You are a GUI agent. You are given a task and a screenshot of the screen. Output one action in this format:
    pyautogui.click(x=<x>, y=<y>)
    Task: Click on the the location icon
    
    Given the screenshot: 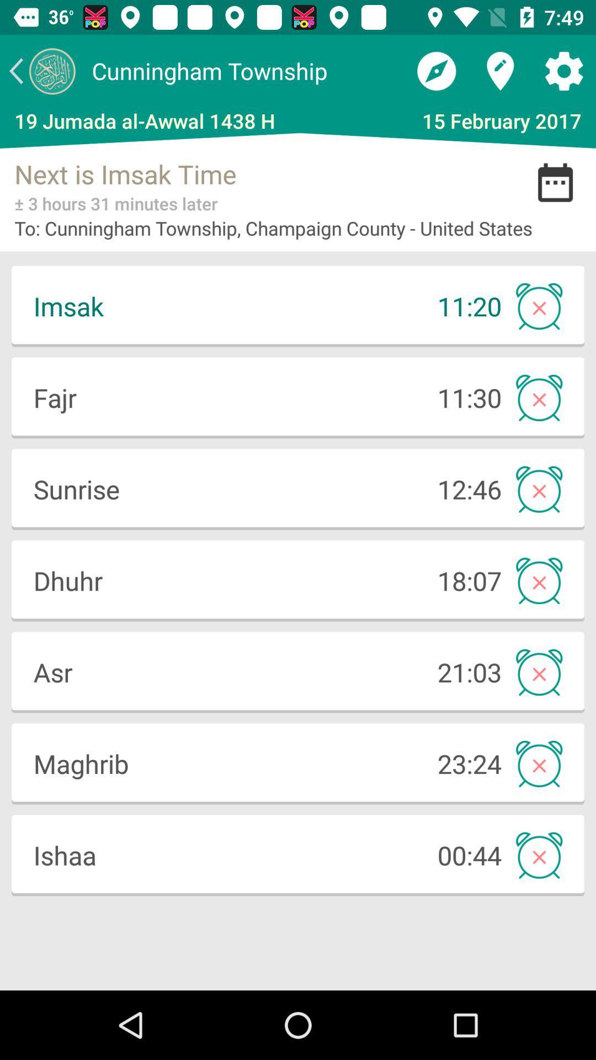 What is the action you would take?
    pyautogui.click(x=500, y=70)
    